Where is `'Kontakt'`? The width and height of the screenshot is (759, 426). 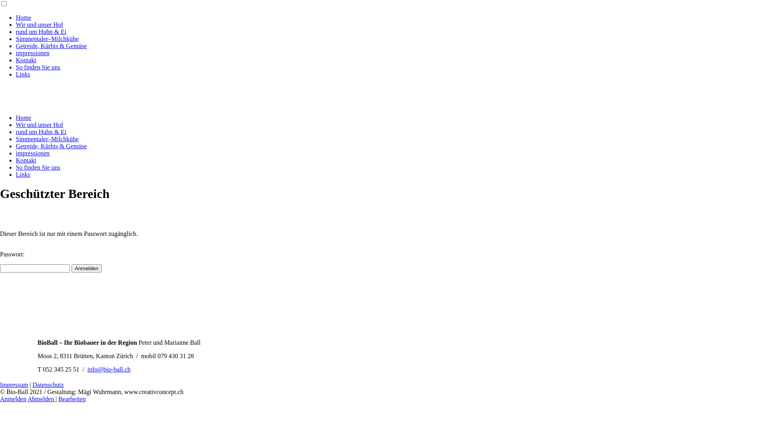 'Kontakt' is located at coordinates (26, 160).